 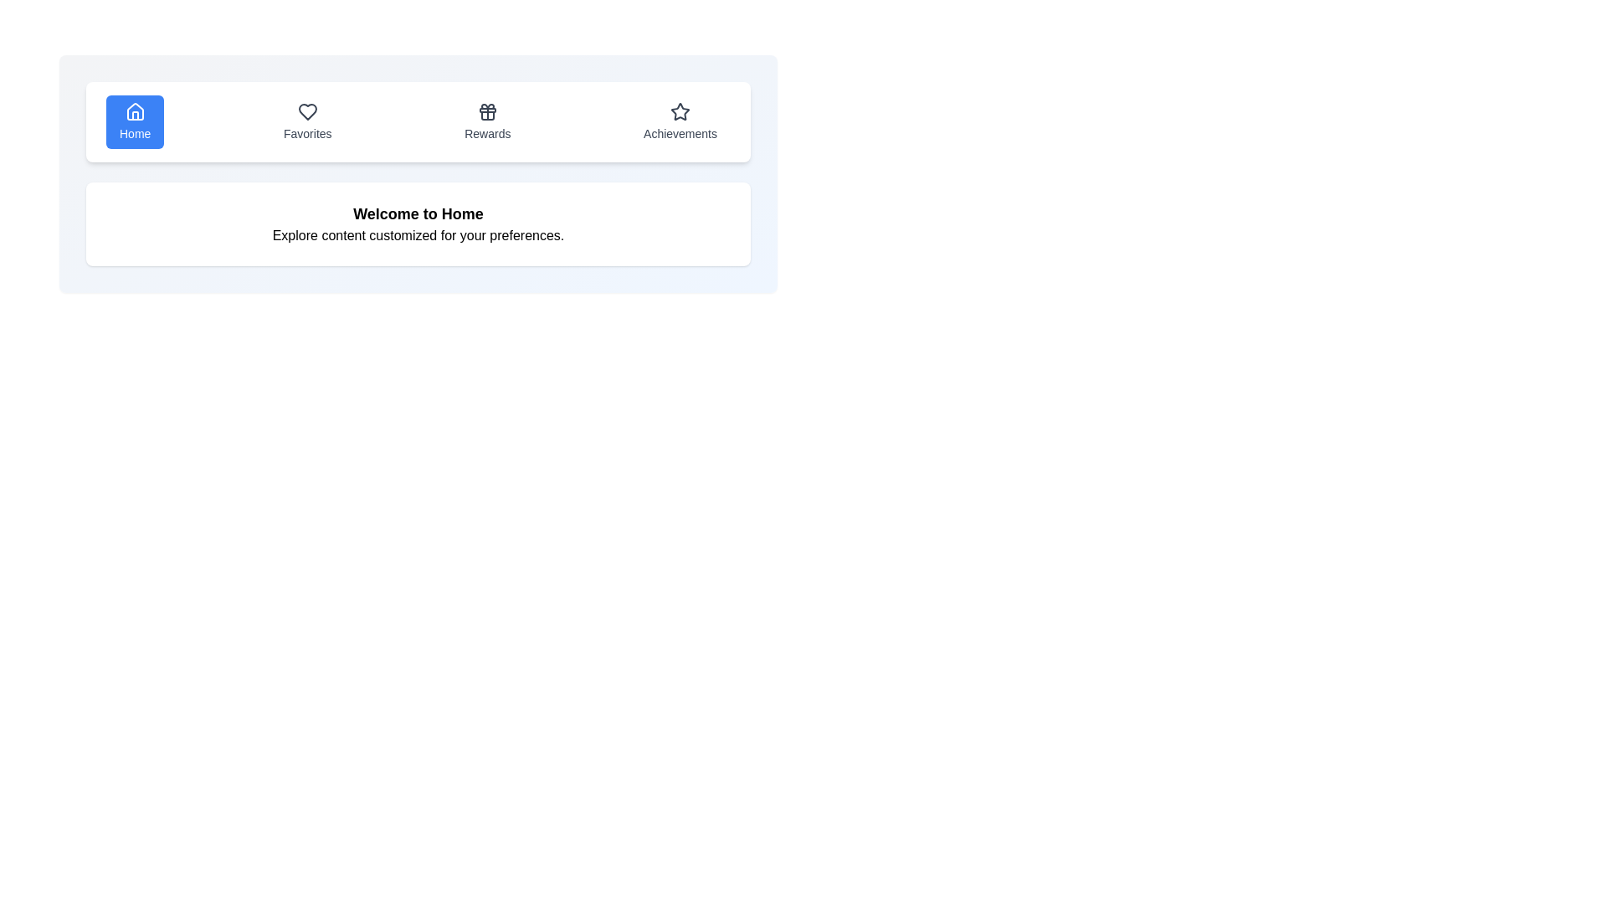 I want to click on the 'Achievements' button located at the far right of the navigation bar, so click(x=680, y=121).